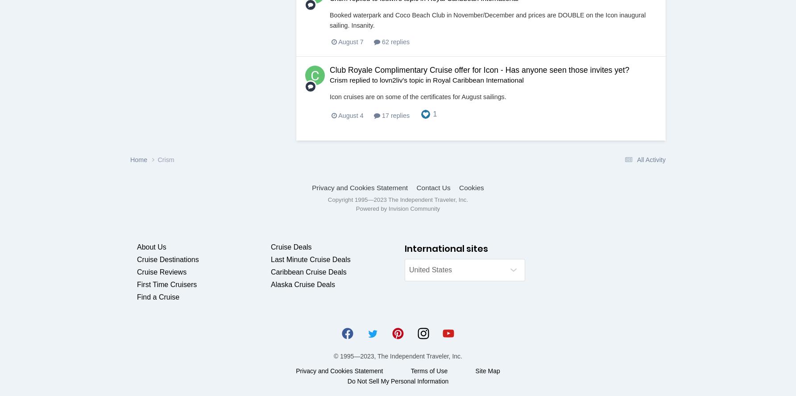 The image size is (796, 396). I want to click on 'Copyright 1995—2023 The Independent Traveler, Inc.', so click(397, 199).